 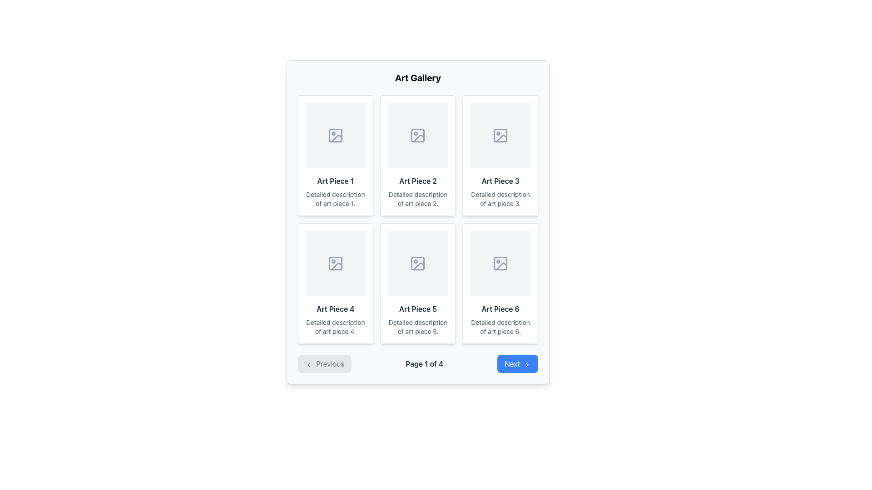 I want to click on the non-interactive icon representing 'Art Piece 5' located in the middle row and second column of the art gallery grid layout, so click(x=417, y=264).